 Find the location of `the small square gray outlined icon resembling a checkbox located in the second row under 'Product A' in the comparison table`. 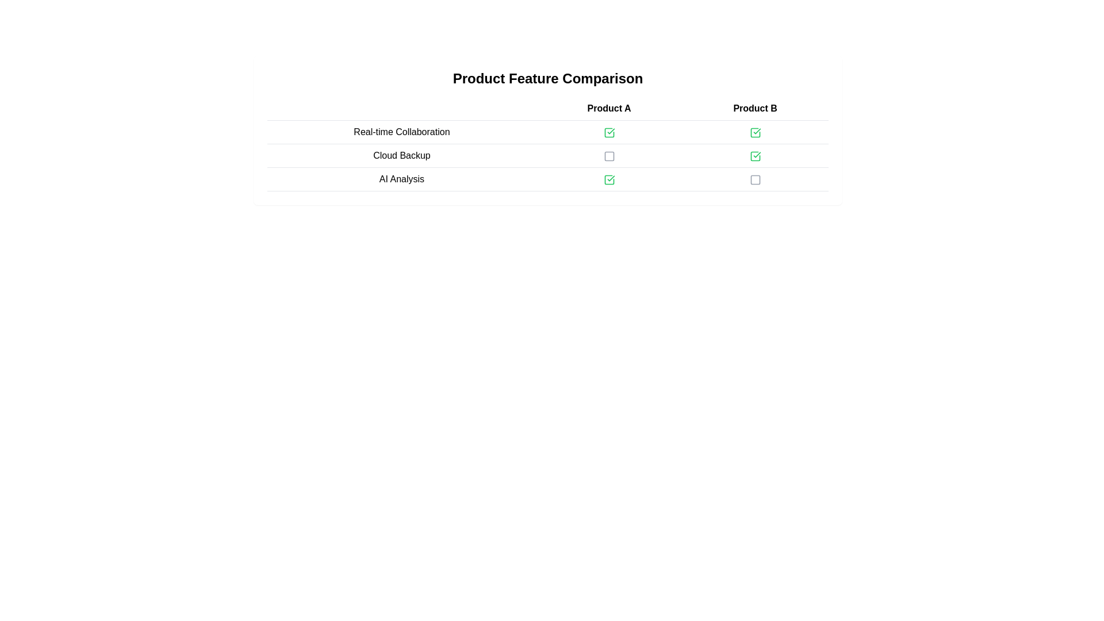

the small square gray outlined icon resembling a checkbox located in the second row under 'Product A' in the comparison table is located at coordinates (608, 156).